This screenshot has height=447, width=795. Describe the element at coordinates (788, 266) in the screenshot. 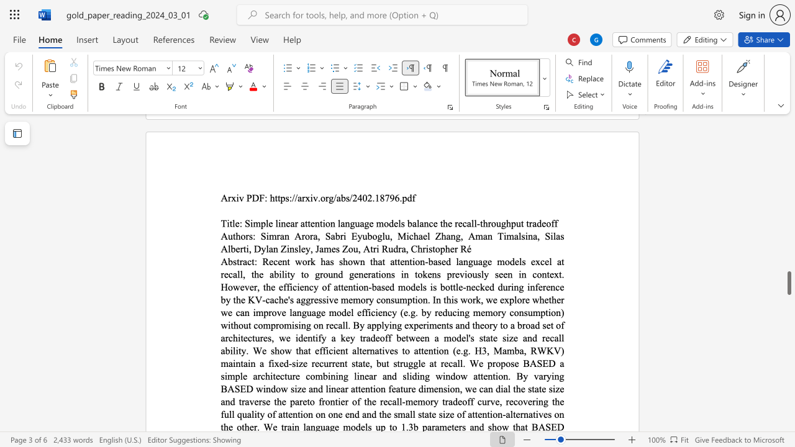

I see `the scrollbar on the right` at that location.